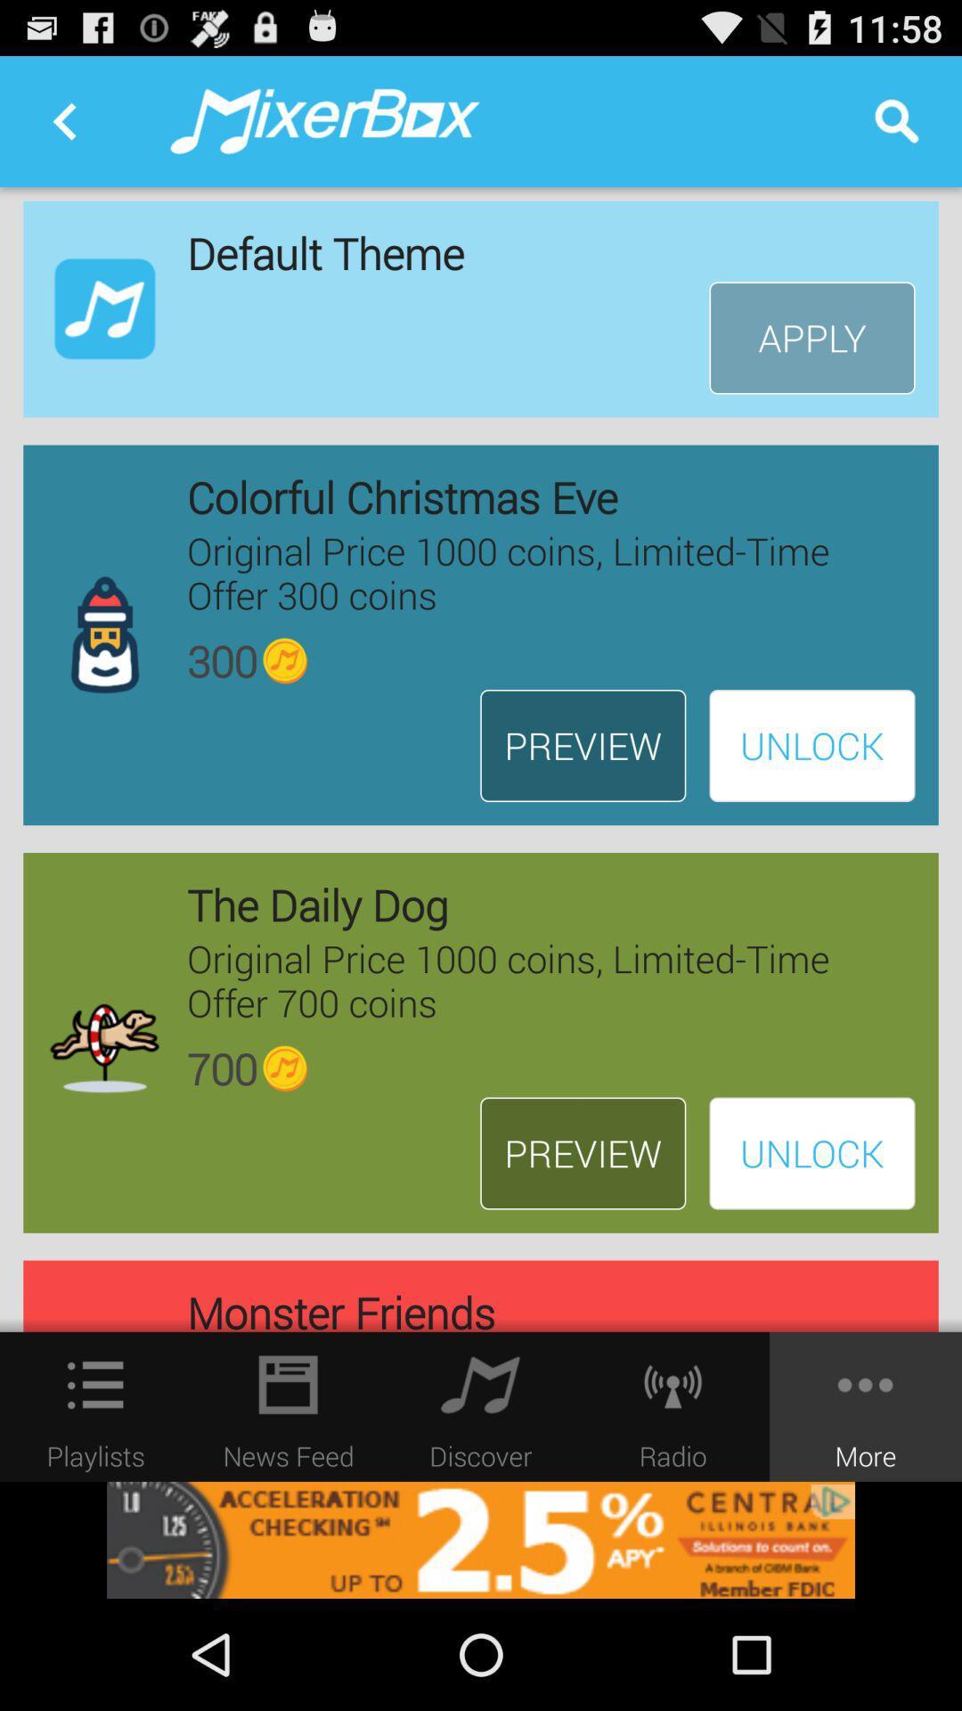 The height and width of the screenshot is (1711, 962). I want to click on the preview button which is in green color box, so click(583, 1154).